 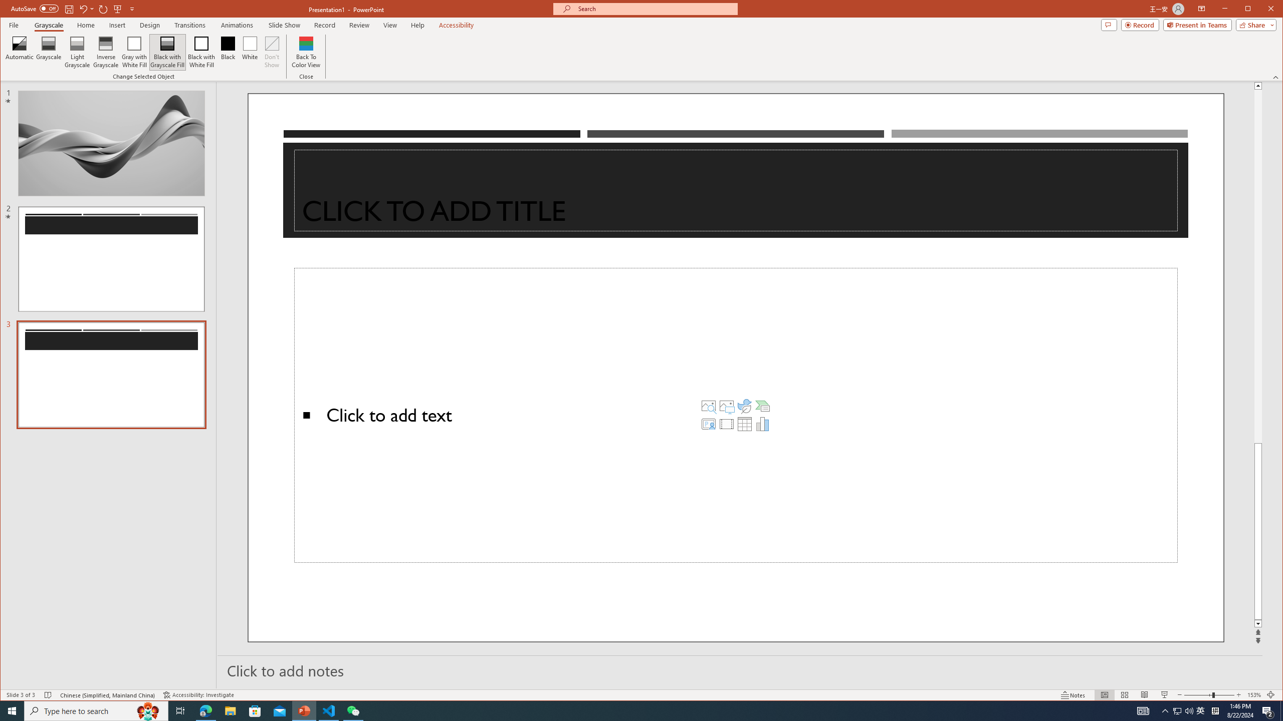 I want to click on 'Show desktop', so click(x=1281, y=710).